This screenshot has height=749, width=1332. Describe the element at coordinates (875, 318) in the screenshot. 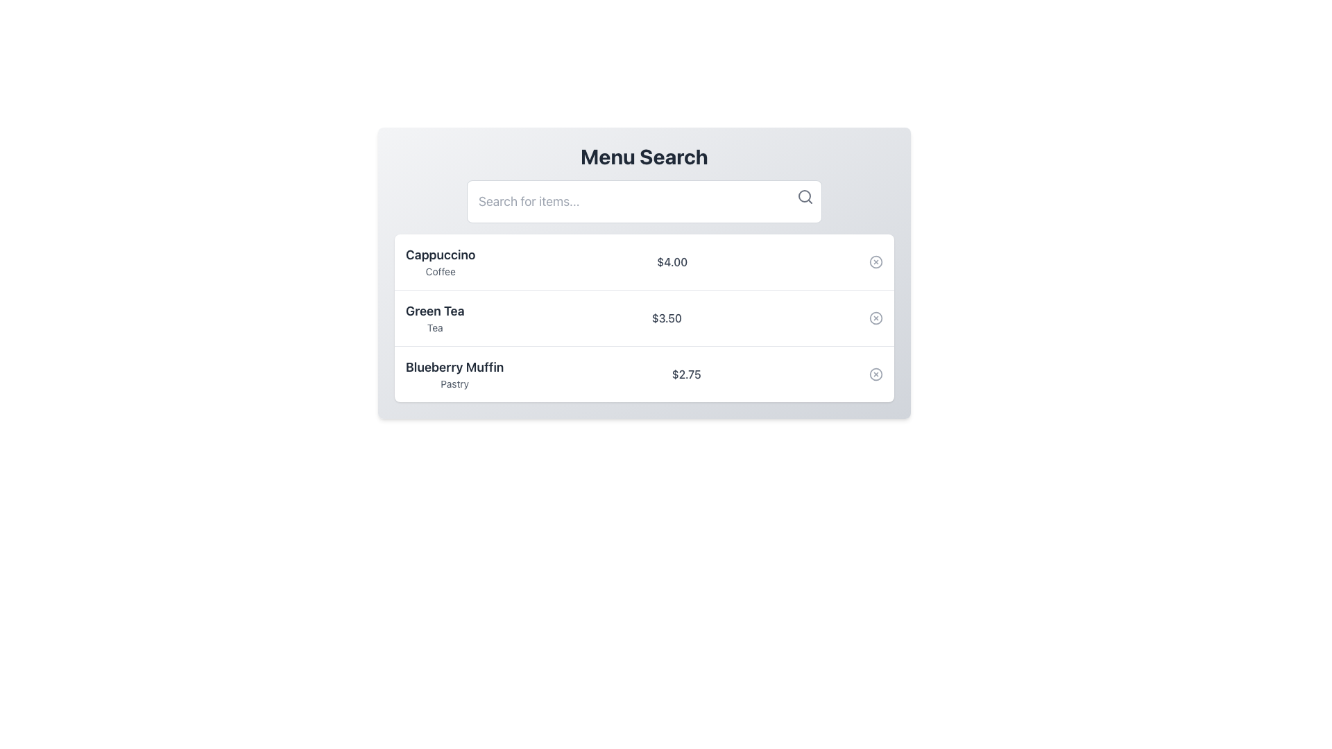

I see `the button that allows users to remove the 'Green Tea' item from the list, located to the far-right side next to the '$3.50' text` at that location.